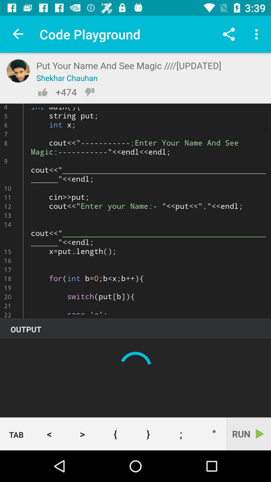 This screenshot has height=482, width=271. I want to click on eu no gostei, so click(89, 92).